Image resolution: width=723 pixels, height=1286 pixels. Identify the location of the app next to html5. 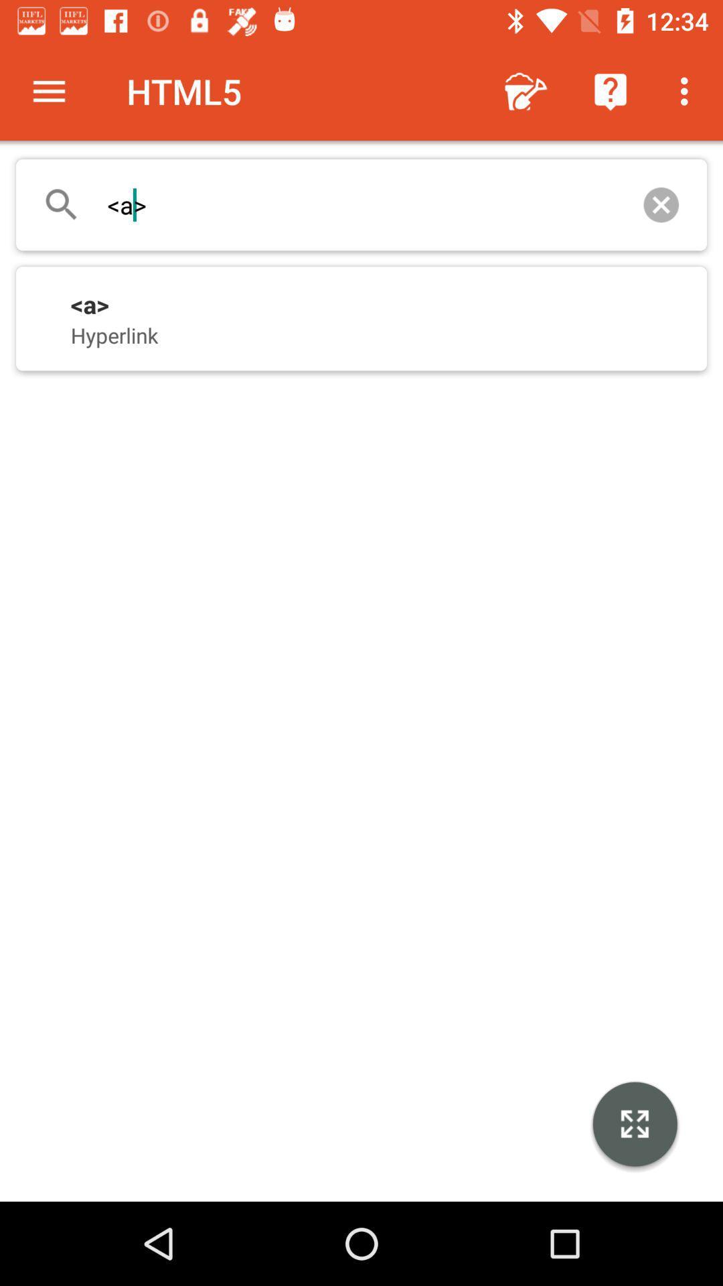
(48, 90).